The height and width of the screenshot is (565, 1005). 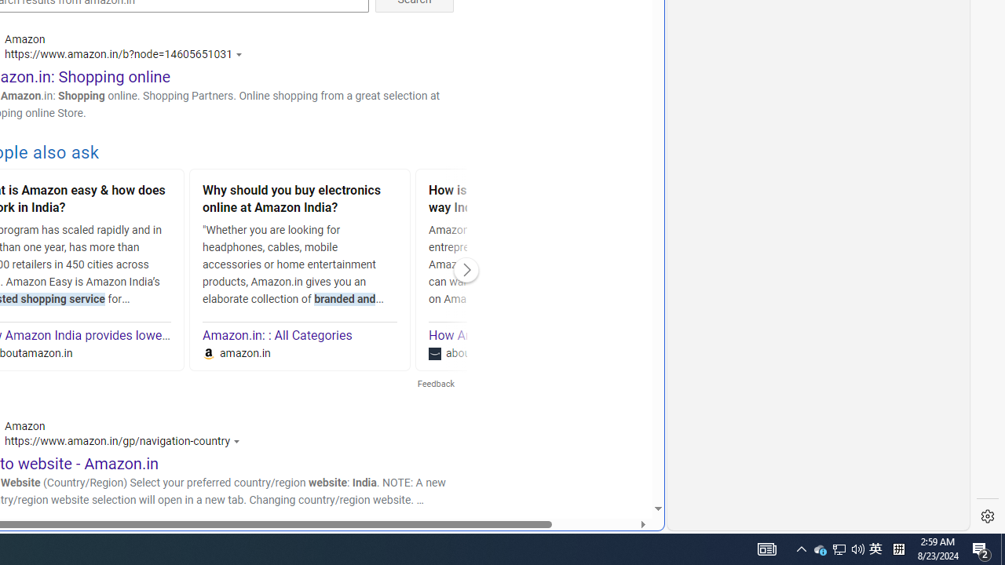 I want to click on 'How is Amazon easy changing the way India buys?', so click(x=526, y=200).